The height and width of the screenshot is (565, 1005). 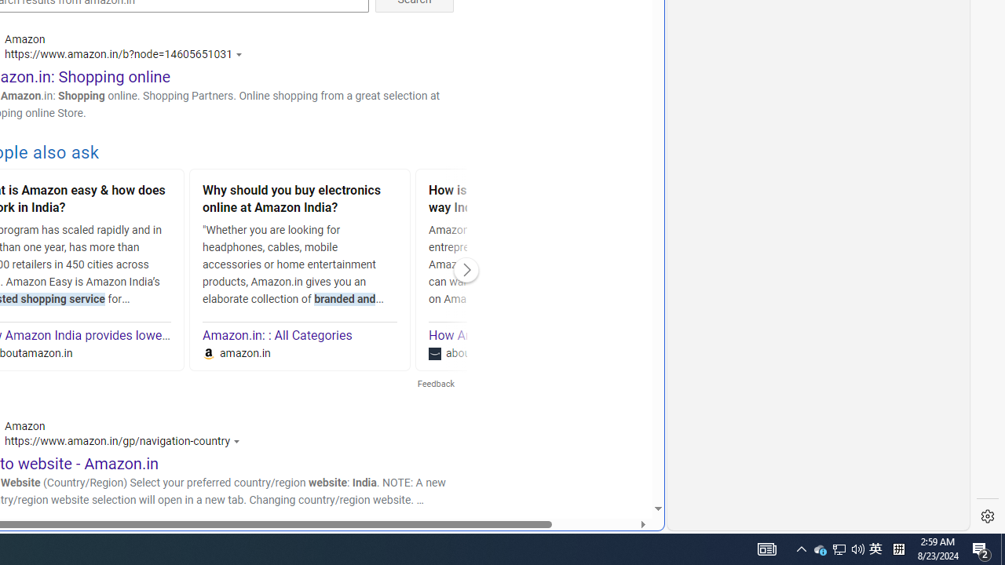 I want to click on 'How is Amazon easy changing the way India buys?', so click(x=526, y=200).